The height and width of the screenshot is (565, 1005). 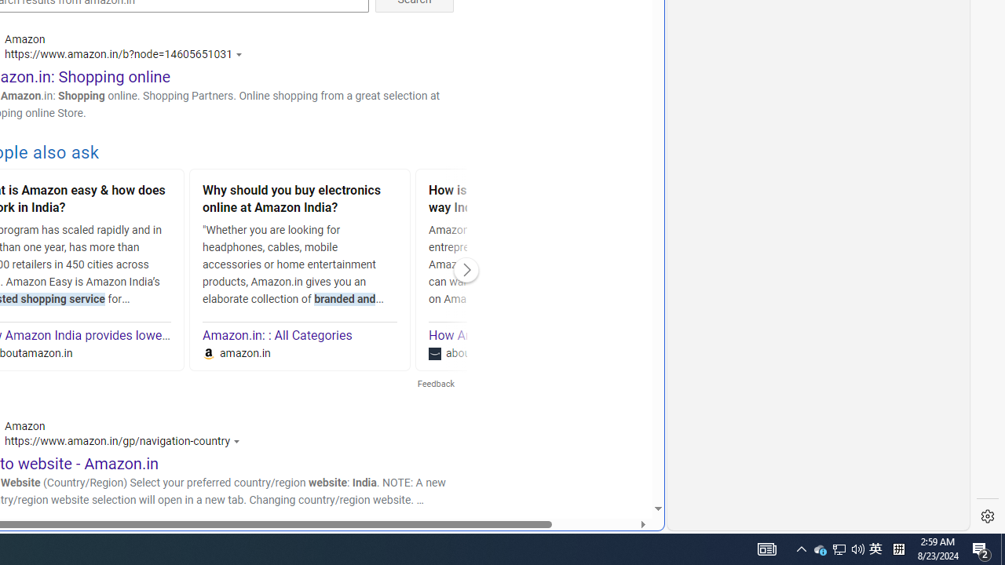 I want to click on 'How is Amazon easy changing the way India buys?', so click(x=526, y=200).